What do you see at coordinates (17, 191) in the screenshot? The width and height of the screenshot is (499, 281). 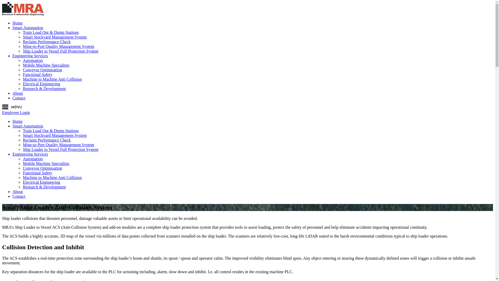 I see `'About'` at bounding box center [17, 191].